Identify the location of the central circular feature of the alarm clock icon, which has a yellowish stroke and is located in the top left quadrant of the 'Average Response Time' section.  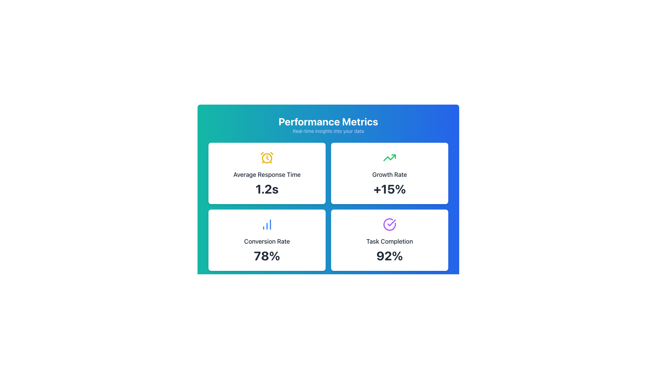
(266, 158).